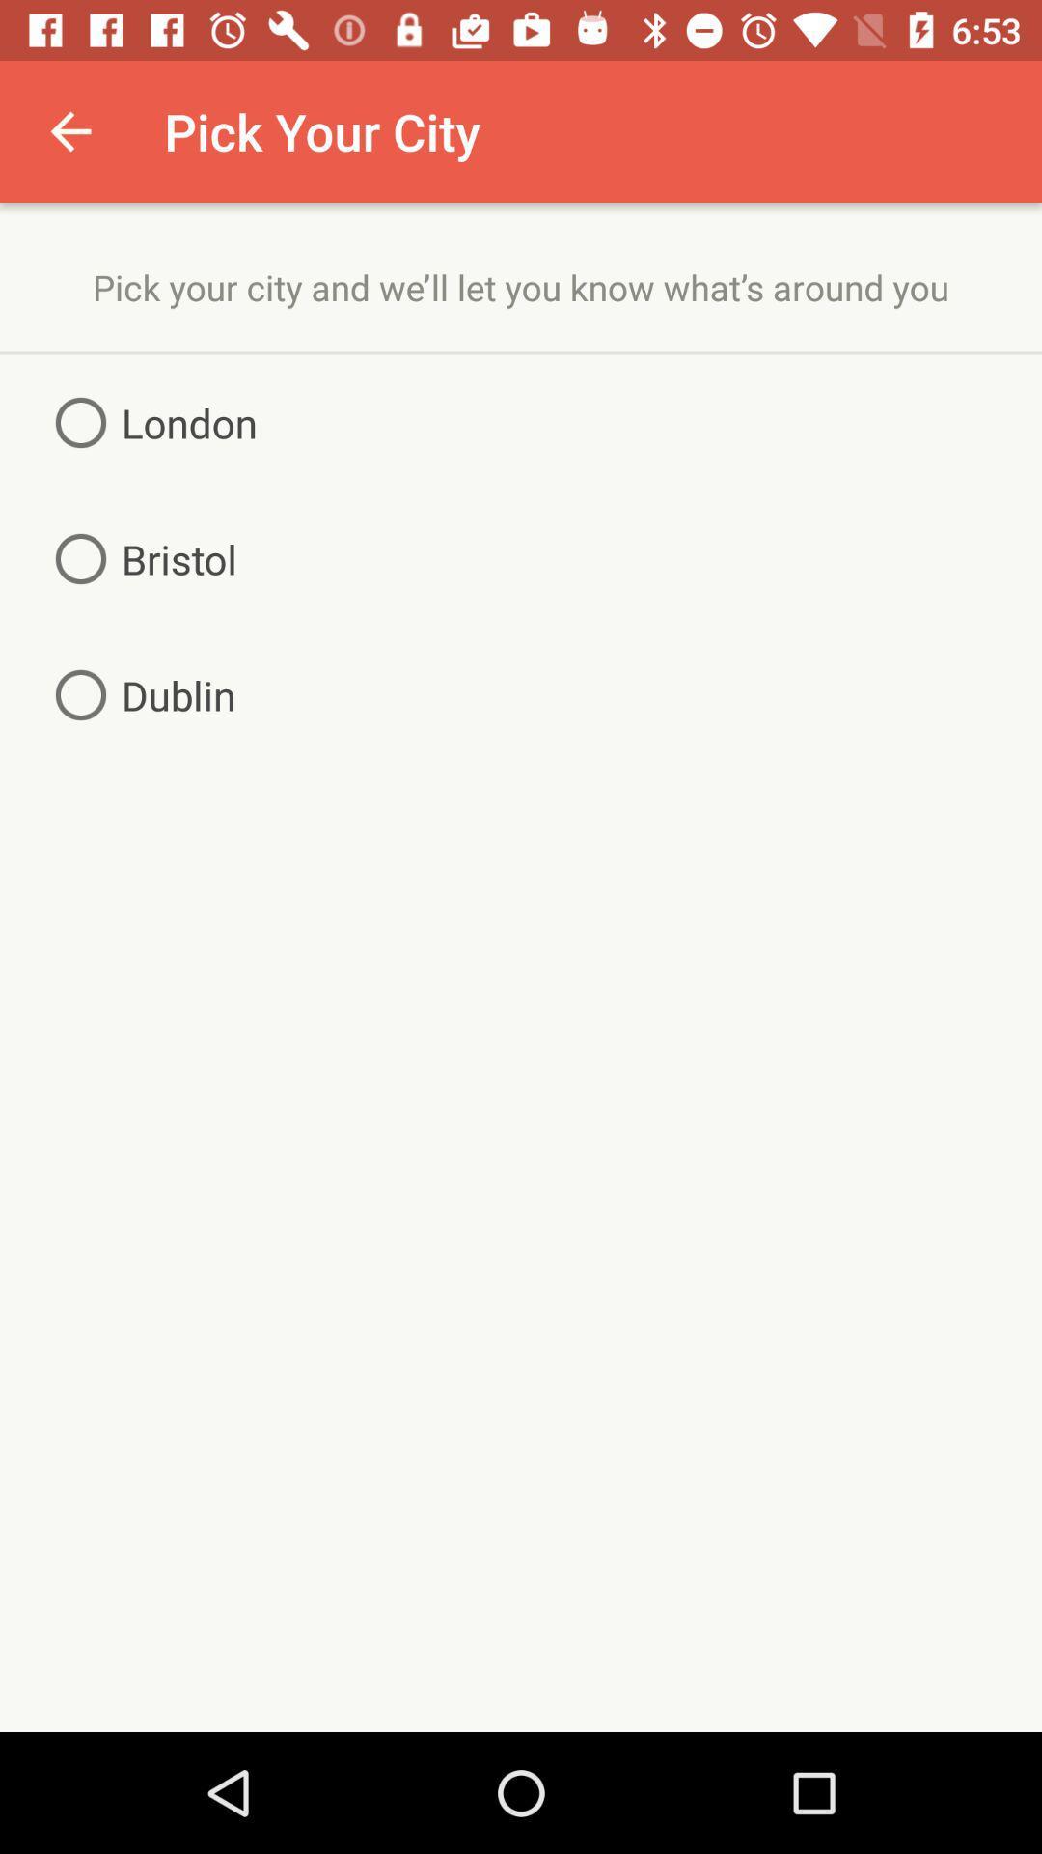 This screenshot has height=1854, width=1042. What do you see at coordinates (148, 421) in the screenshot?
I see `the london` at bounding box center [148, 421].